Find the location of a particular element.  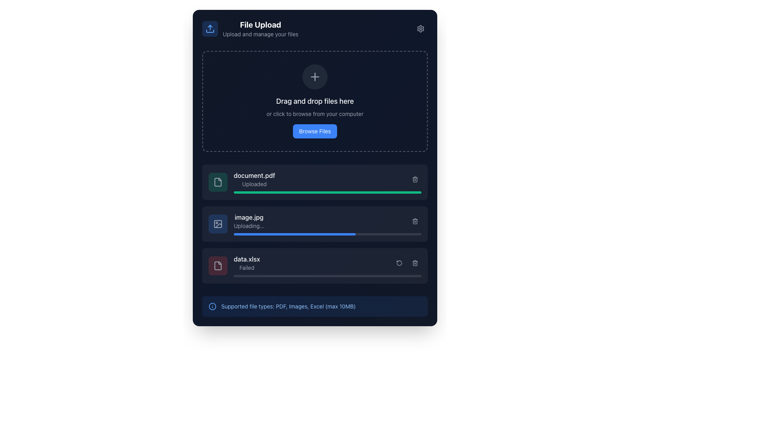

the static text label that identifies the uploaded file named 'document.pdf', located at the top of the upload list area is located at coordinates (254, 175).